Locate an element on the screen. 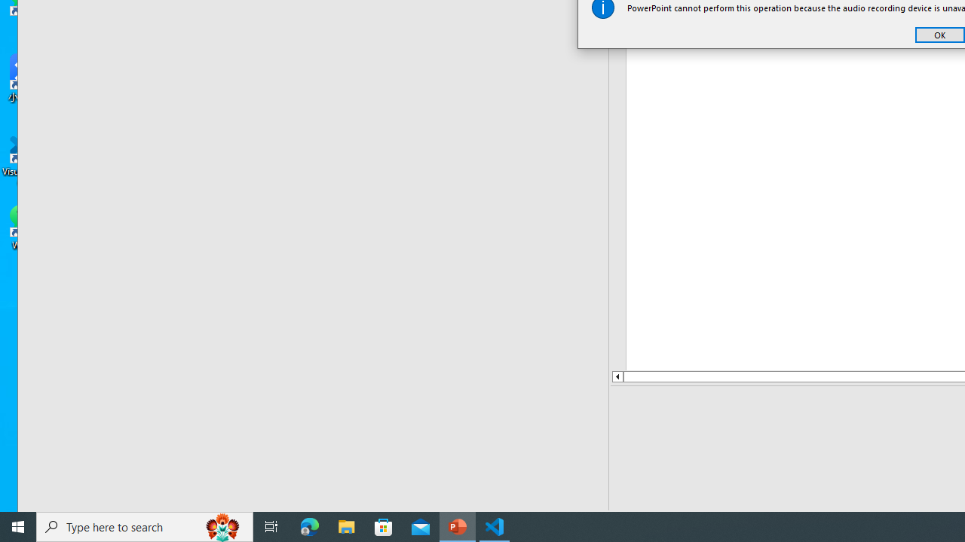 This screenshot has width=965, height=542. 'Start' is located at coordinates (18, 525).